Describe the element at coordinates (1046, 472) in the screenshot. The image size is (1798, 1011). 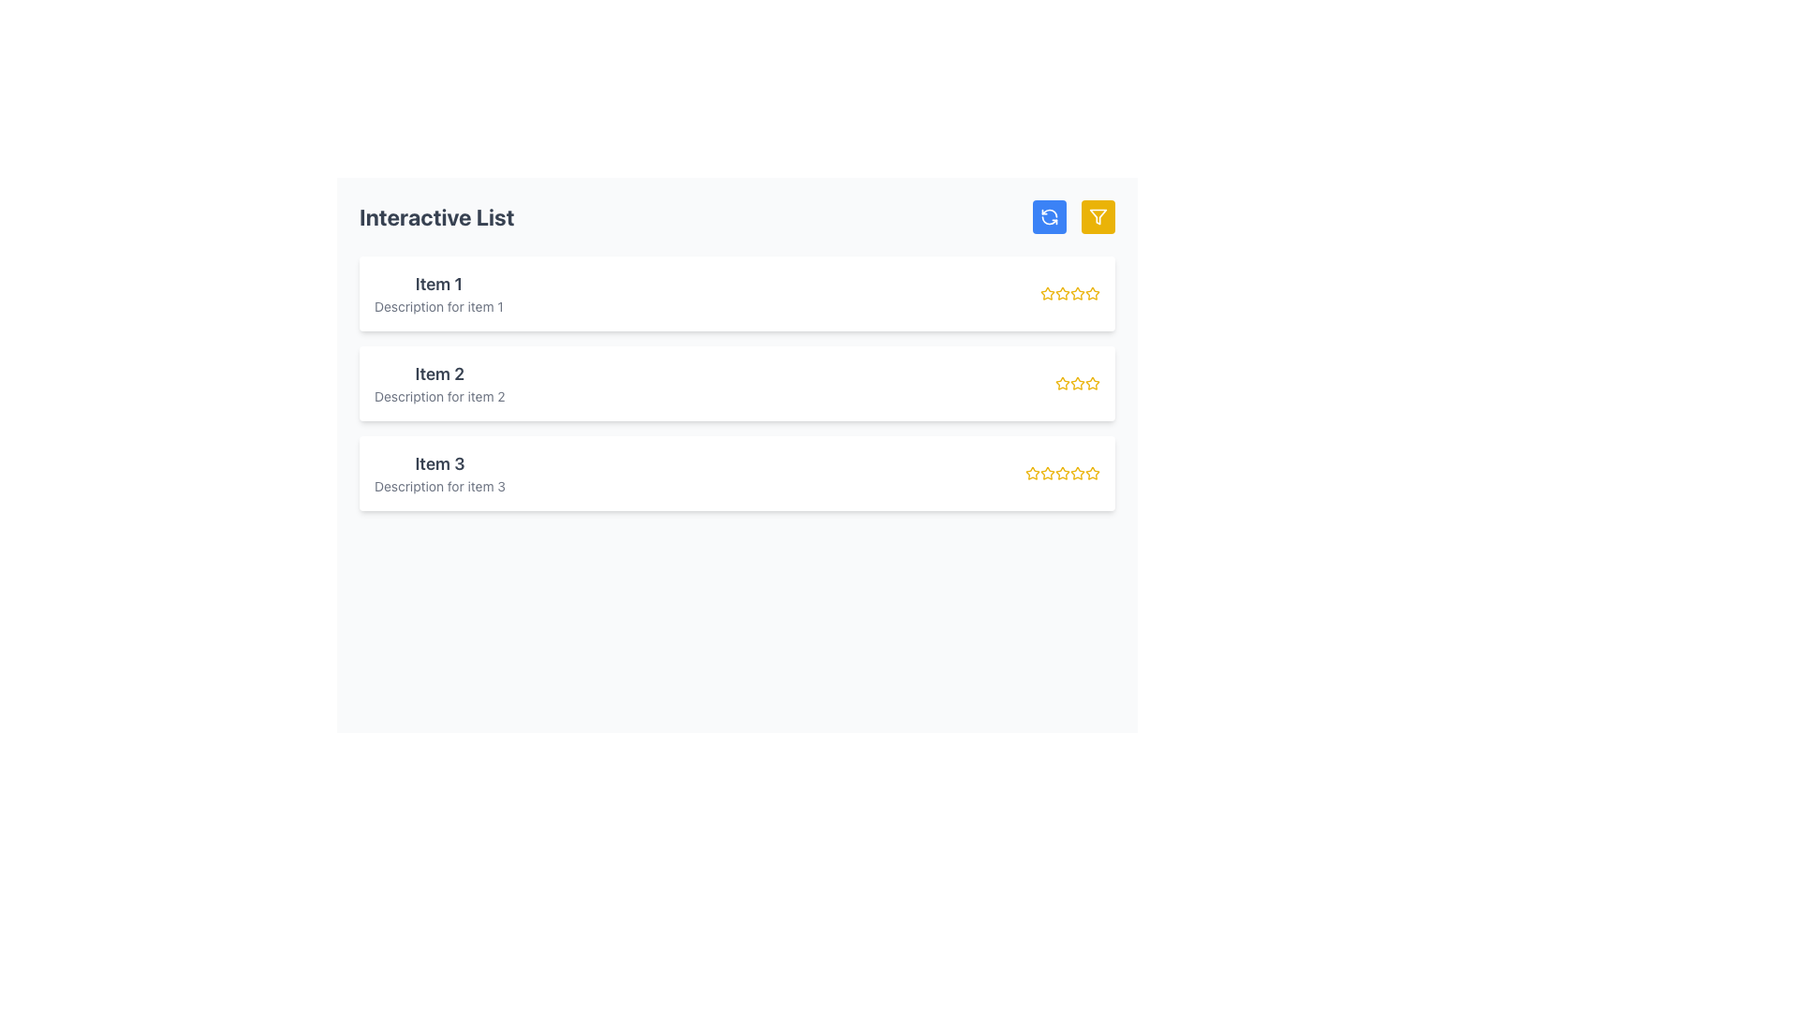
I see `the second star icon in the star rating component, which is styled with a yellow outline and rounded edges, located in the third row of the interactive list` at that location.